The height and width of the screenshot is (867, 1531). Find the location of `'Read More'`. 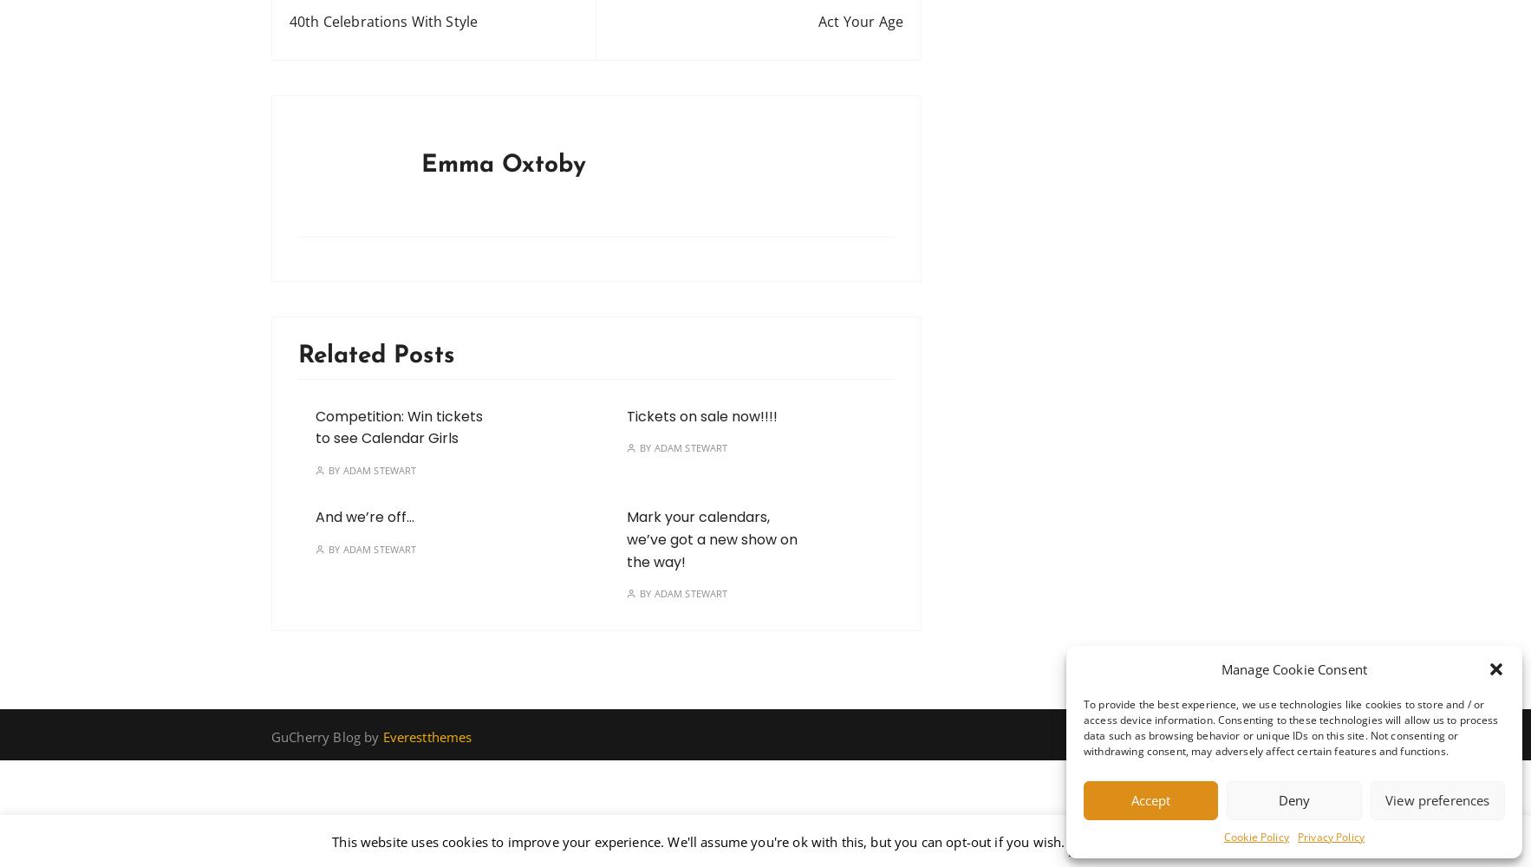

'Read More' is located at coordinates (1163, 841).